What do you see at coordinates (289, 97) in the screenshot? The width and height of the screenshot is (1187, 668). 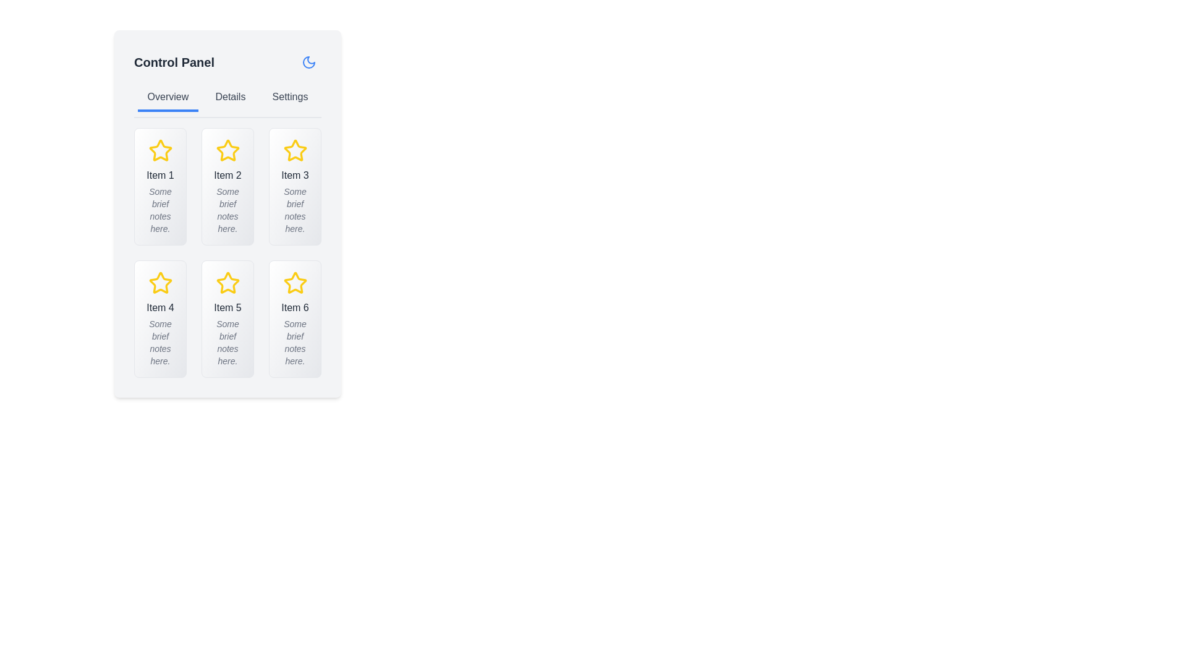 I see `the 'Settings' button in the upper-right section of the horizontal navigation bar` at bounding box center [289, 97].